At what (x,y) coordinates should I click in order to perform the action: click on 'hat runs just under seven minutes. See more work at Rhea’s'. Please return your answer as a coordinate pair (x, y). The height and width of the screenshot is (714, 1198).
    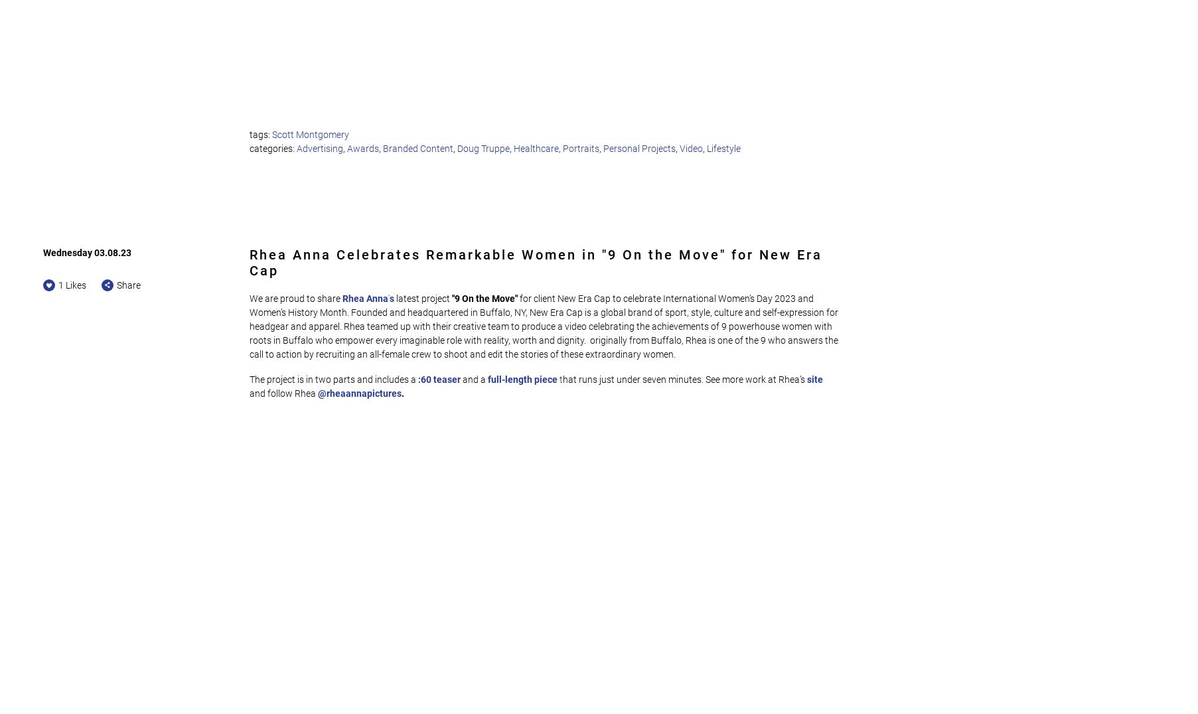
    Looking at the image, I should click on (683, 379).